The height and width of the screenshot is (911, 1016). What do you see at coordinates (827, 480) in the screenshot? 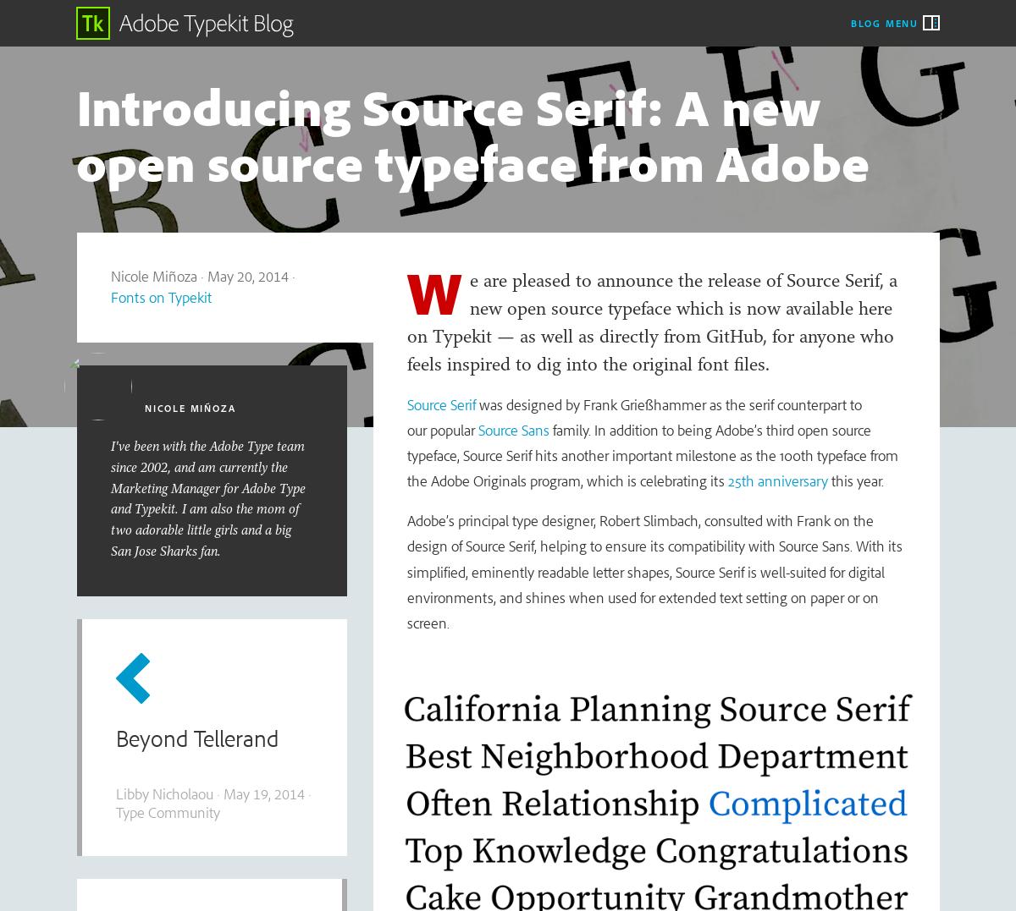
I see `'this year.'` at bounding box center [827, 480].